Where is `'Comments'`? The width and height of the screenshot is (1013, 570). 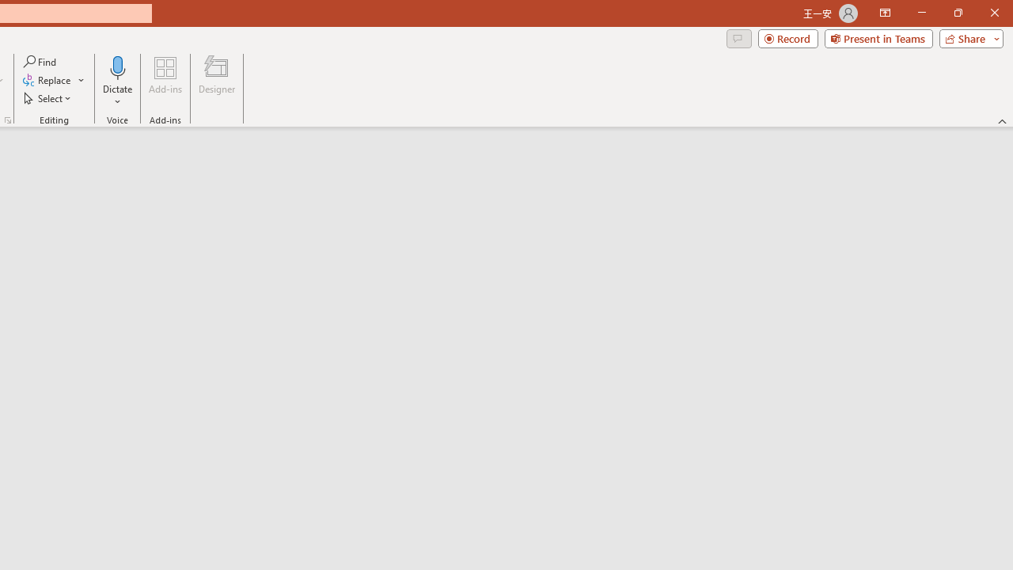
'Comments' is located at coordinates (738, 37).